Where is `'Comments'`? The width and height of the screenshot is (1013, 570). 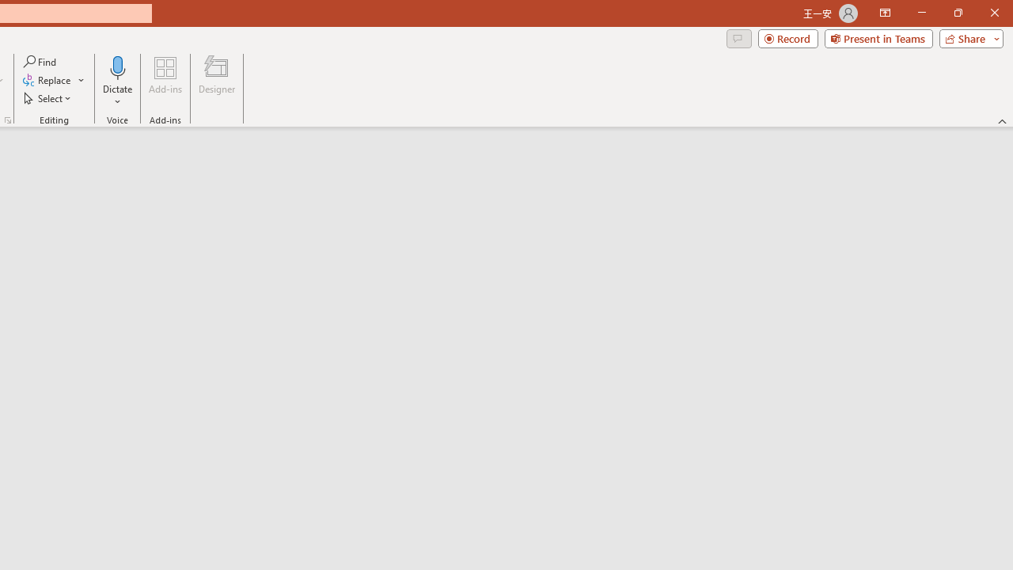
'Comments' is located at coordinates (738, 37).